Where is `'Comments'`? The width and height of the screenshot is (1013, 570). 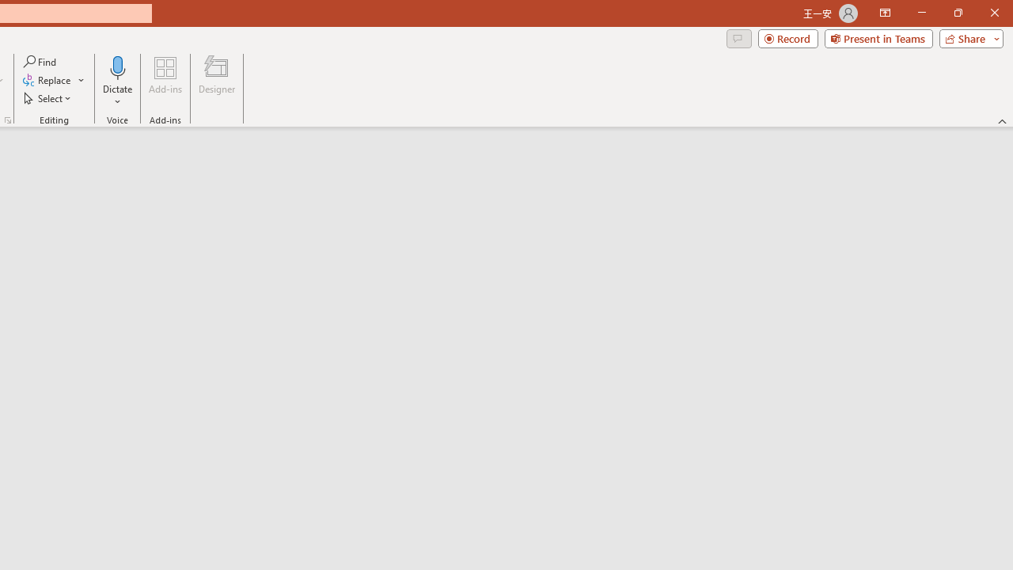
'Comments' is located at coordinates (738, 37).